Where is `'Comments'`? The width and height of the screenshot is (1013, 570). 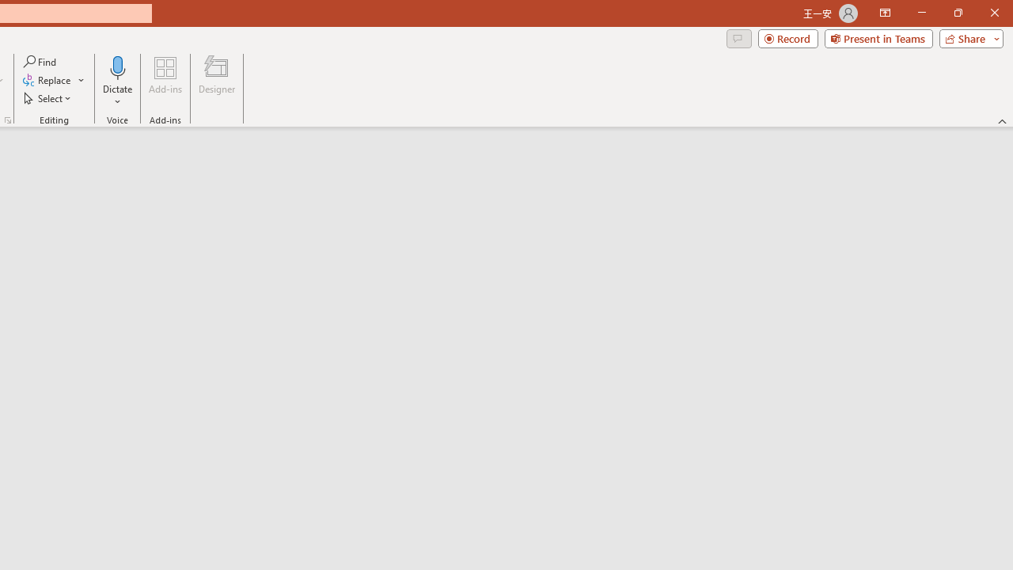
'Comments' is located at coordinates (738, 37).